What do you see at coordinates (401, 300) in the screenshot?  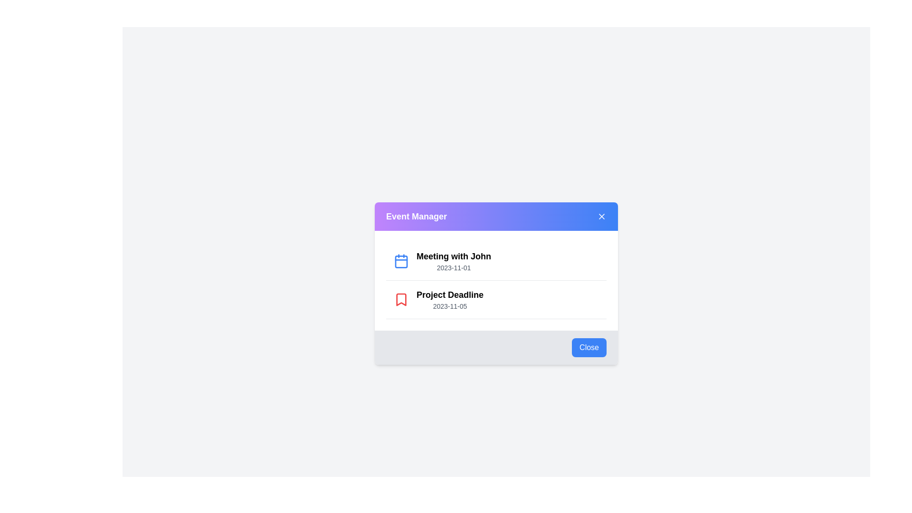 I see `the bookmark icon next to the event` at bounding box center [401, 300].